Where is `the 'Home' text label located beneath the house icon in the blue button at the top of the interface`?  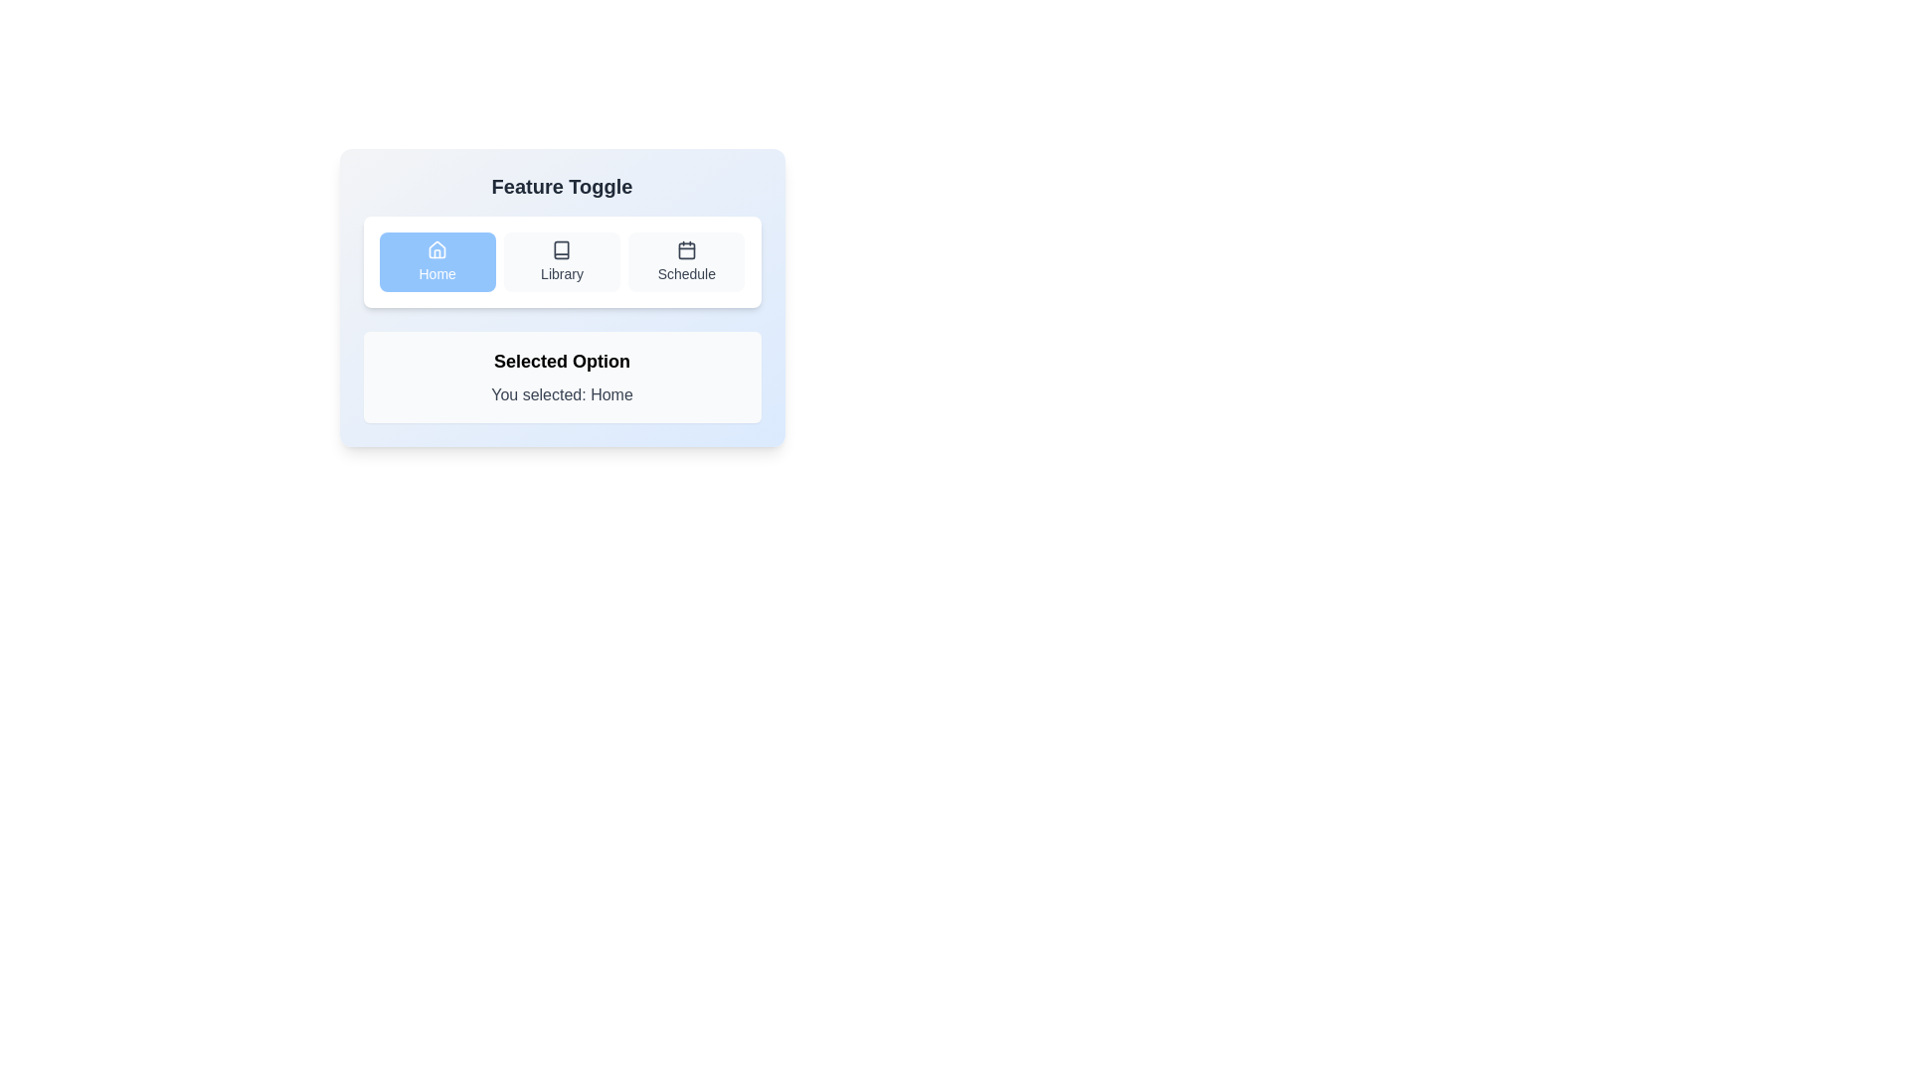 the 'Home' text label located beneath the house icon in the blue button at the top of the interface is located at coordinates (436, 274).